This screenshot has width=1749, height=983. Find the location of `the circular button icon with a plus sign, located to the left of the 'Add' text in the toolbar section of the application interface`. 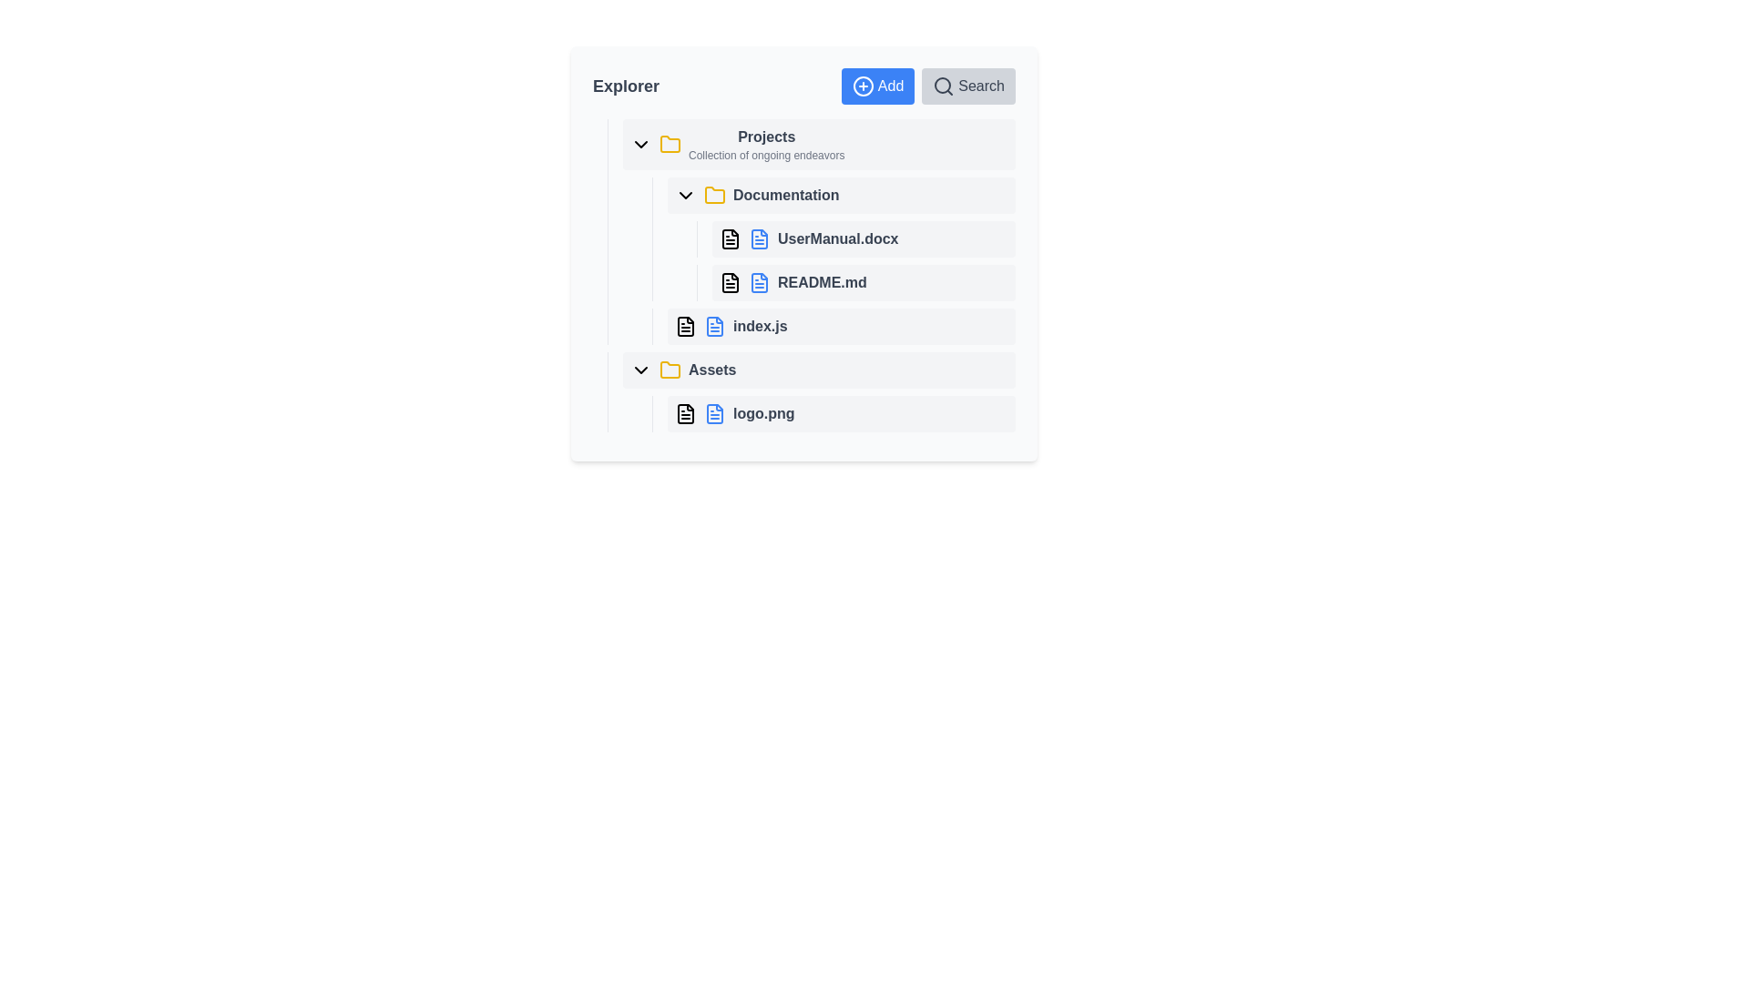

the circular button icon with a plus sign, located to the left of the 'Add' text in the toolbar section of the application interface is located at coordinates (862, 86).